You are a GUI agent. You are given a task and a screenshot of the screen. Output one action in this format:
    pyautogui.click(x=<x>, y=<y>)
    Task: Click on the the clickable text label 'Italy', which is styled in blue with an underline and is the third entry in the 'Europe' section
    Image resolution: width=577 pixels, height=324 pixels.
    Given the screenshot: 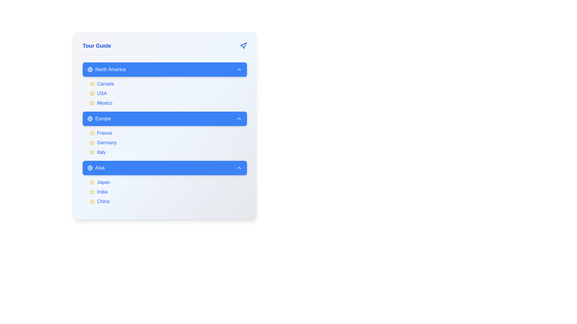 What is the action you would take?
    pyautogui.click(x=101, y=152)
    